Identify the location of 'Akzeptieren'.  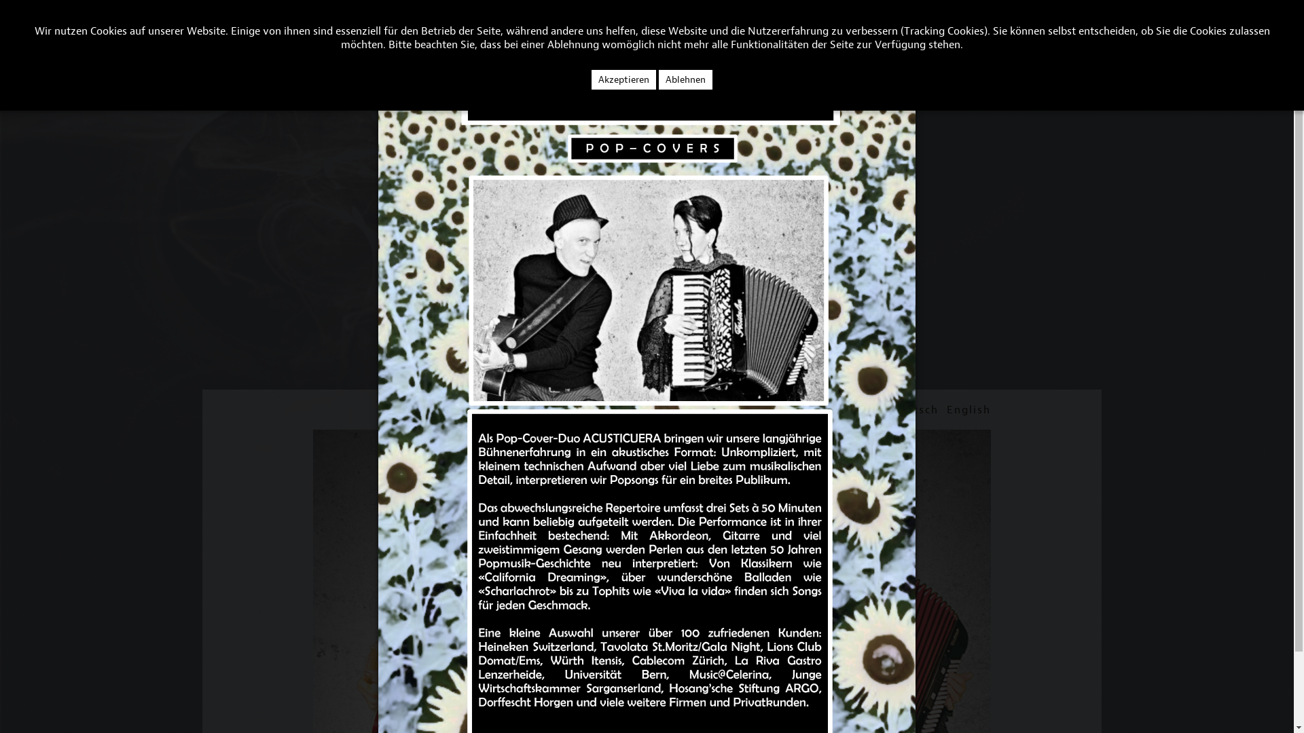
(623, 79).